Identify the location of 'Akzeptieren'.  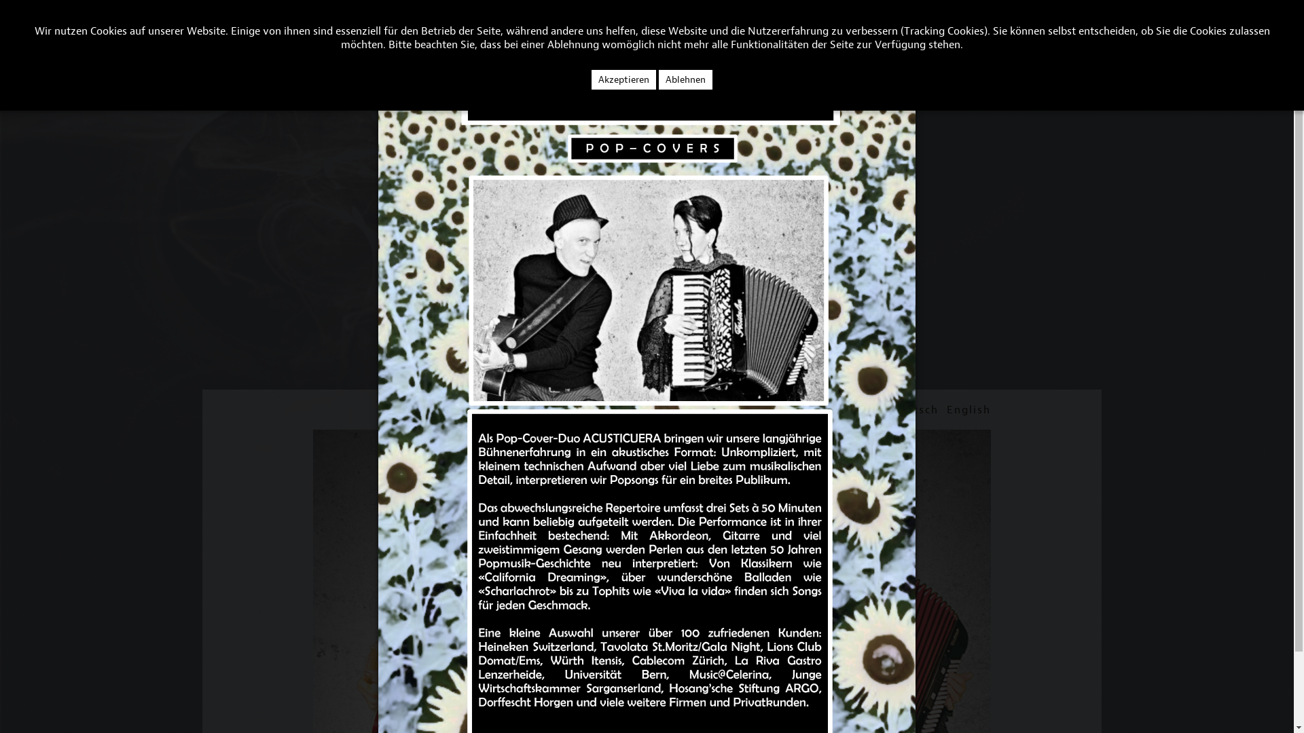
(623, 79).